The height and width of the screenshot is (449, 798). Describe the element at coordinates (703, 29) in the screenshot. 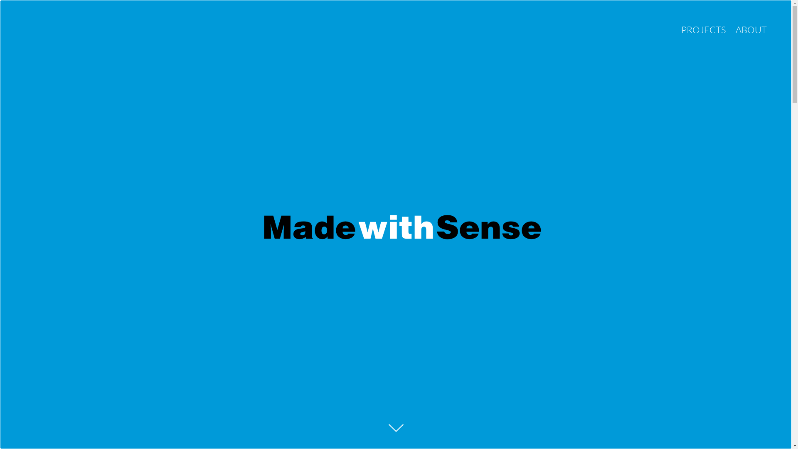

I see `'PROJECTS'` at that location.